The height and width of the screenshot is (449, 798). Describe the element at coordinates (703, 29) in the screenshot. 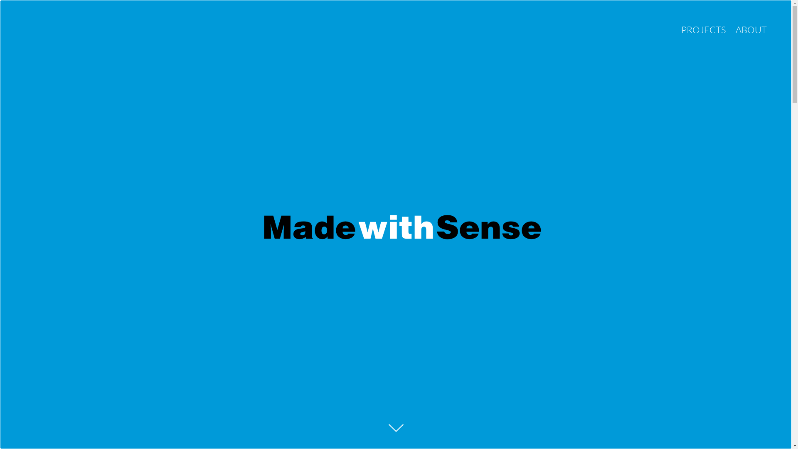

I see `'PROJECTS'` at that location.